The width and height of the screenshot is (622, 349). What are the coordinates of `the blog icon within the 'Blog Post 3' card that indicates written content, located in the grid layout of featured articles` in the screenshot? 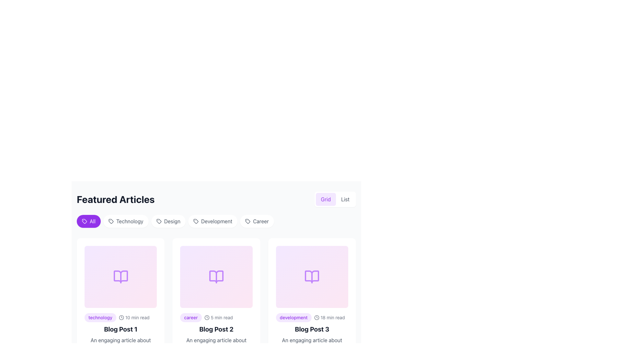 It's located at (312, 276).